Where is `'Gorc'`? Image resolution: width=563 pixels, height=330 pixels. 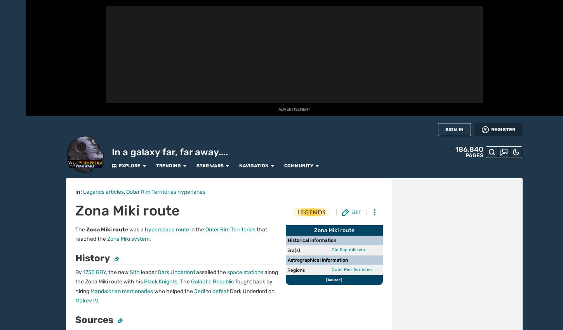 'Gorc' is located at coordinates (386, 320).